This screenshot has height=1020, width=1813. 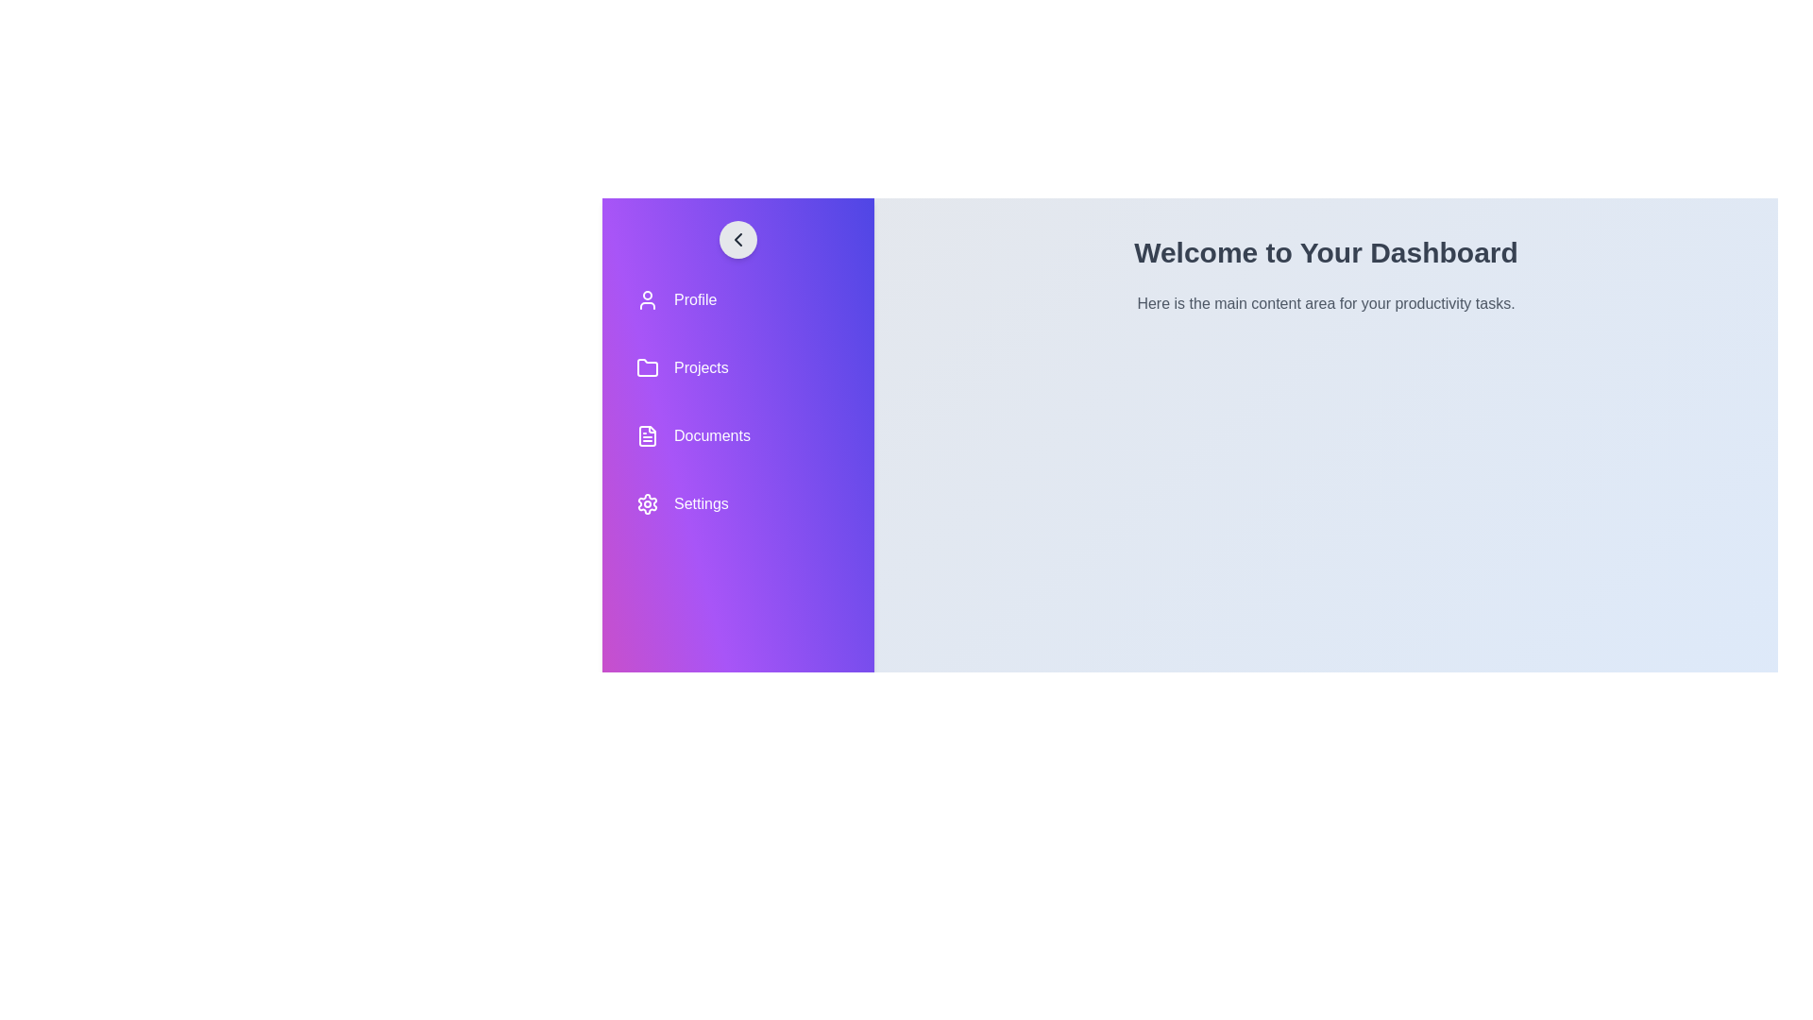 What do you see at coordinates (737, 367) in the screenshot?
I see `the navigation item labeled Projects` at bounding box center [737, 367].